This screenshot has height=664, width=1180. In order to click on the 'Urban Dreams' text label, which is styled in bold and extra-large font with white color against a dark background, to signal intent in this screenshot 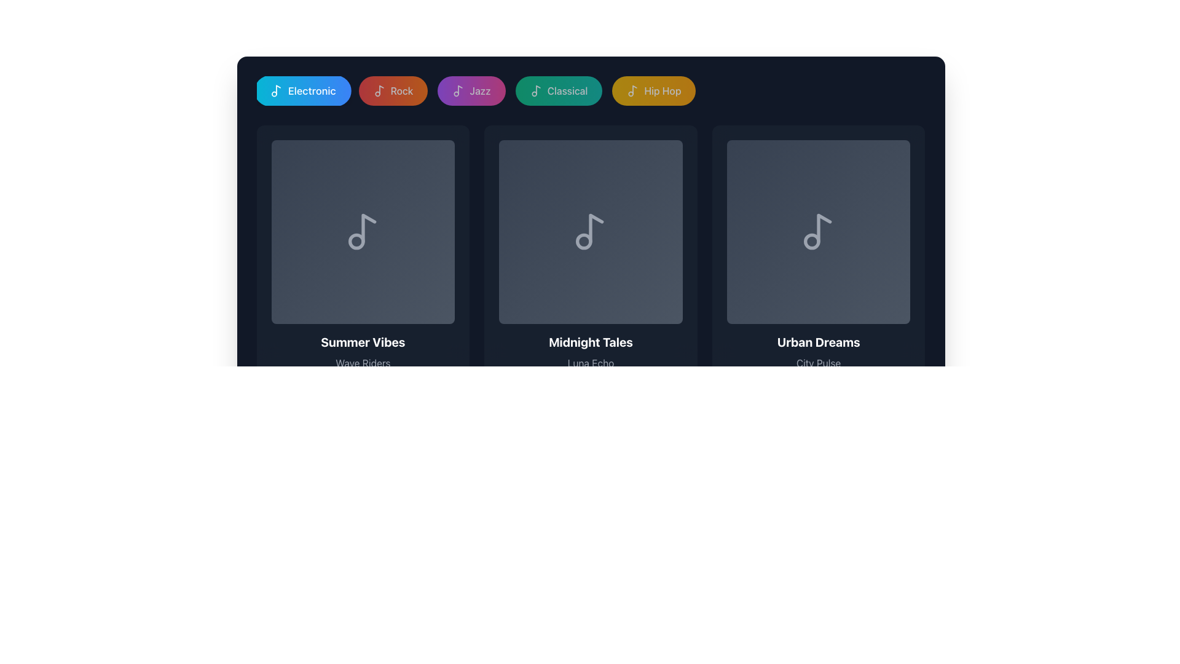, I will do `click(819, 342)`.